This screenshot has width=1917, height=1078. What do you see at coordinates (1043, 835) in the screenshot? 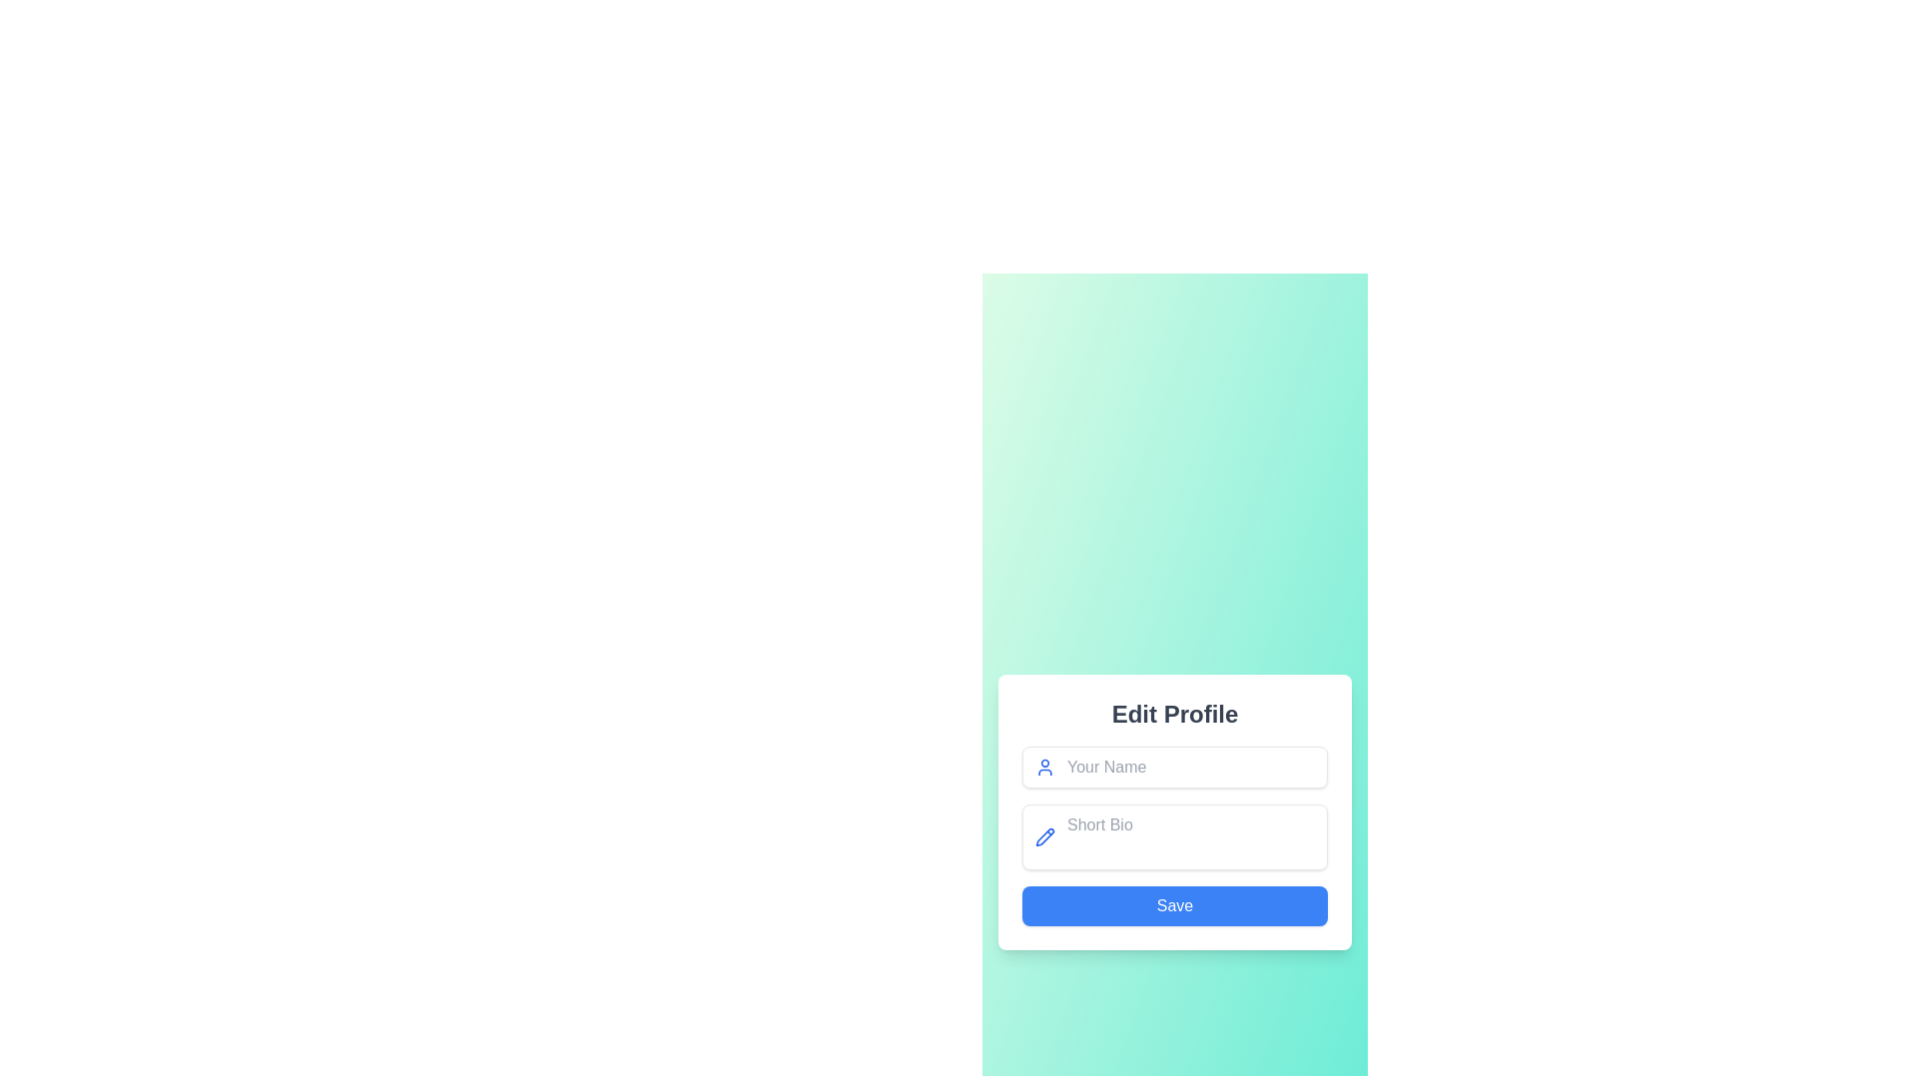
I see `the decorative pencil icon element located to the left of the 'Short Bio' input field in the 'Edit Profile' form, specifically near the bottom of the pencil shape` at bounding box center [1043, 835].